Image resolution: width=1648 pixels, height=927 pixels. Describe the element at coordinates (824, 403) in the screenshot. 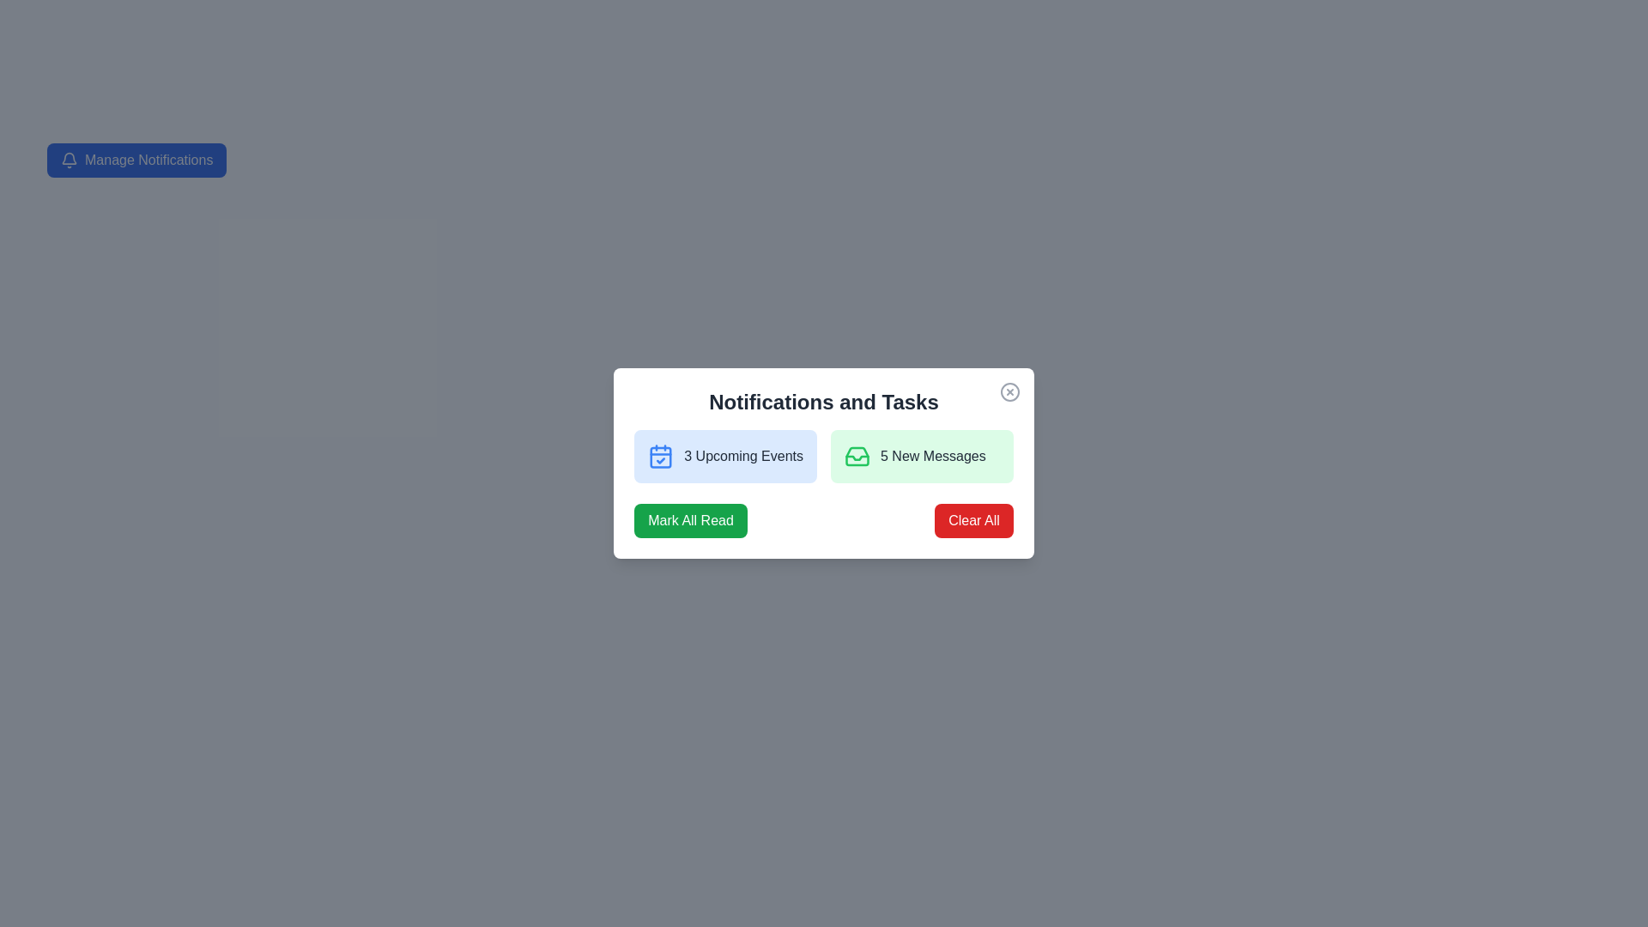

I see `header text 'Notifications and Tasks' to understand the context of the notification section, which includes details about upcoming events and new messages` at that location.